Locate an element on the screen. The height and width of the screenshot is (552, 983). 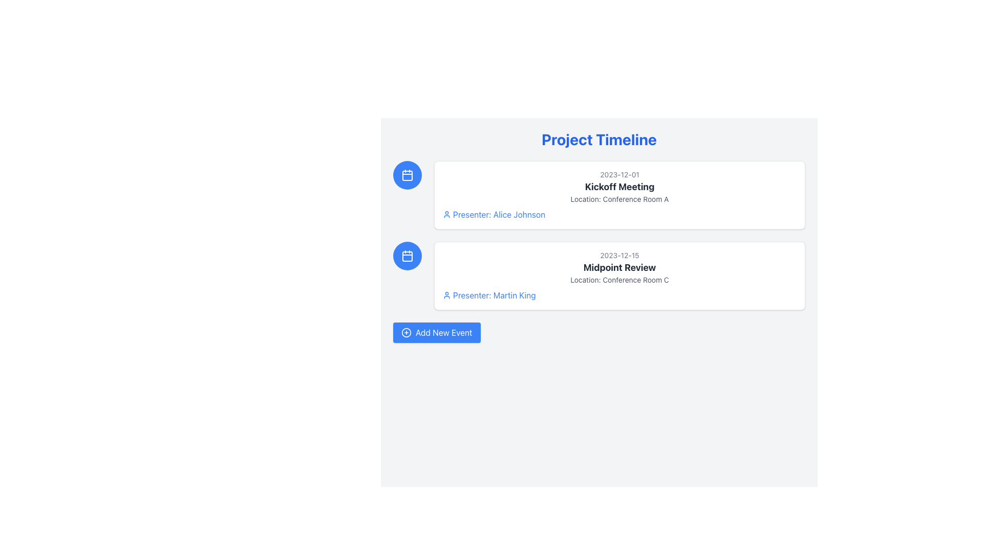
text of the heading element that serves as the title for the project timeline section, indicating the content that follows is located at coordinates (599, 140).